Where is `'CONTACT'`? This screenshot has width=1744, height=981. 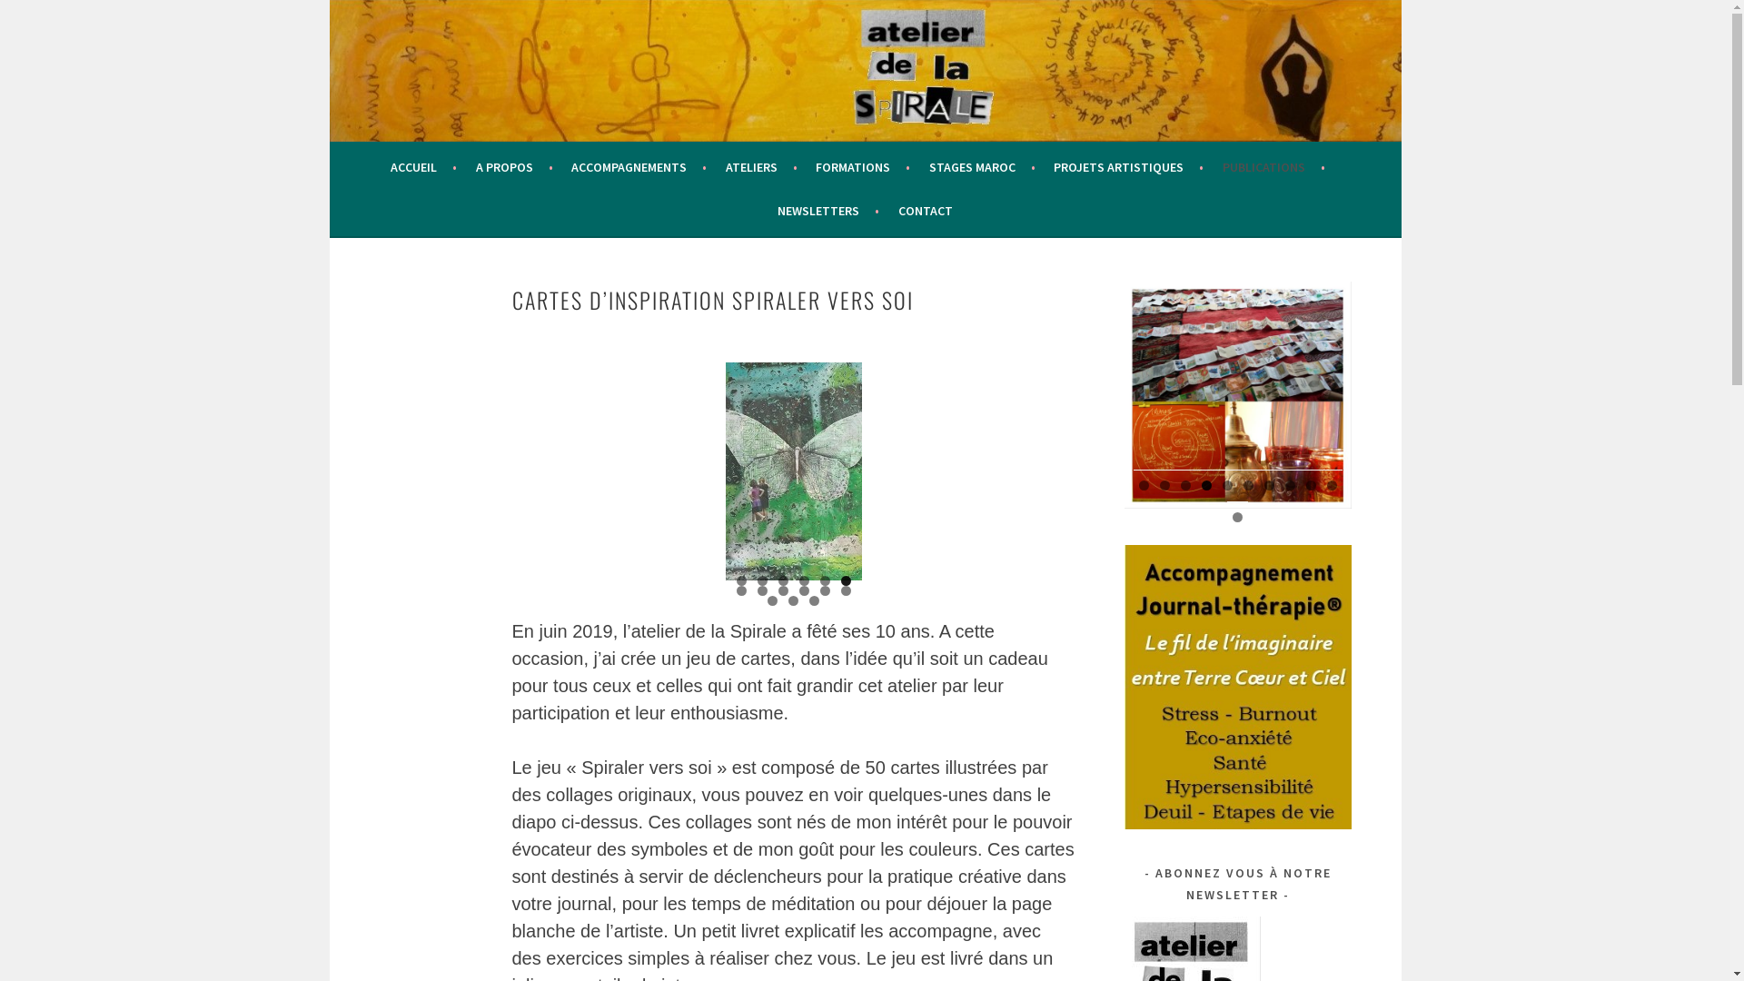
'CONTACT' is located at coordinates (925, 209).